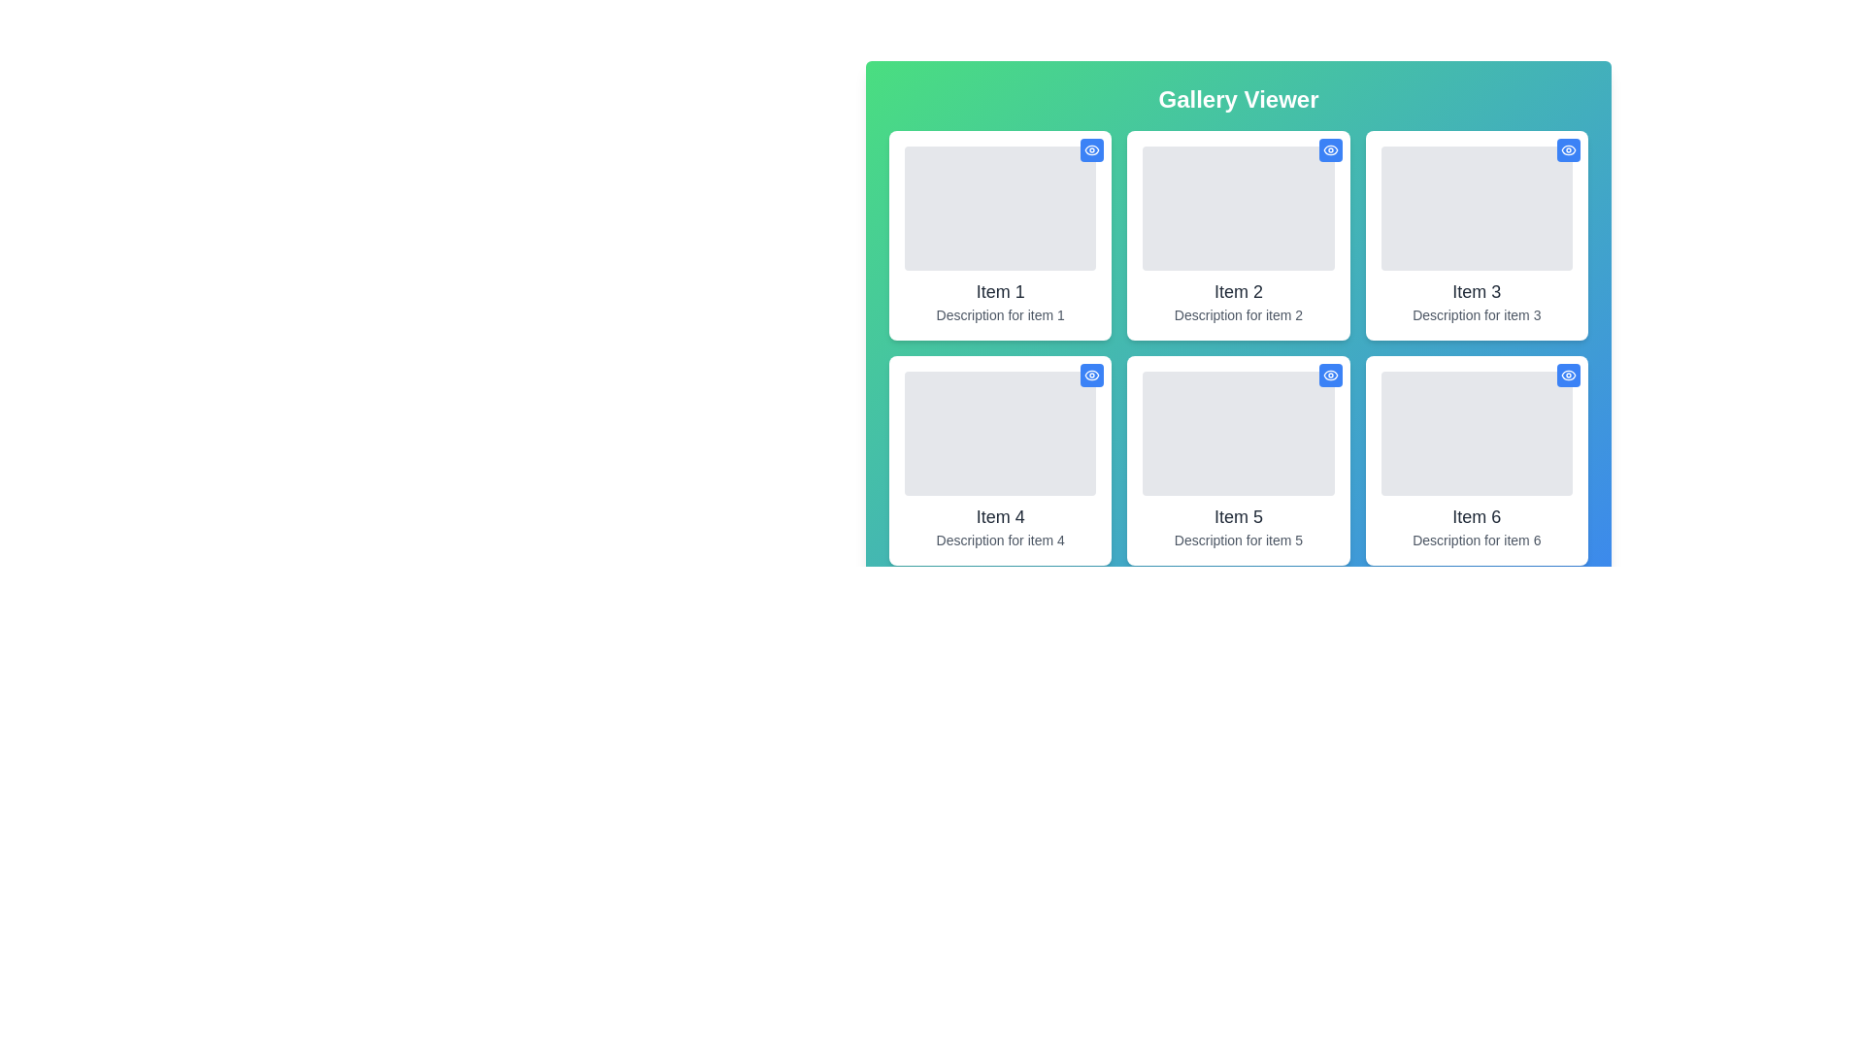 The width and height of the screenshot is (1864, 1048). I want to click on the eye-shaped icon with a blue background and white stroke lines located in the top right corner of the tile labeled 'Item 6', so click(1569, 375).